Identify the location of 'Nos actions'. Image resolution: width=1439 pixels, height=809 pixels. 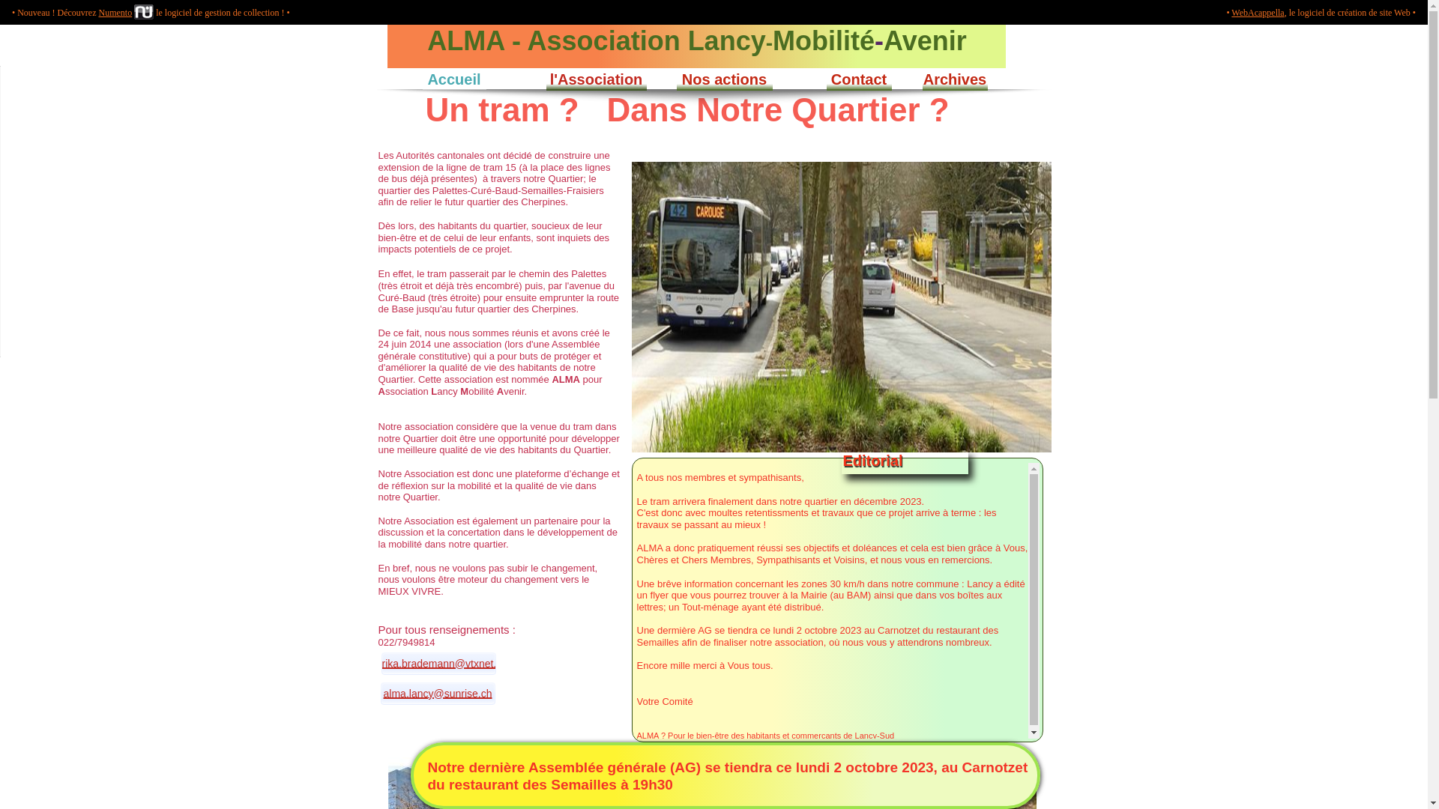
(681, 78).